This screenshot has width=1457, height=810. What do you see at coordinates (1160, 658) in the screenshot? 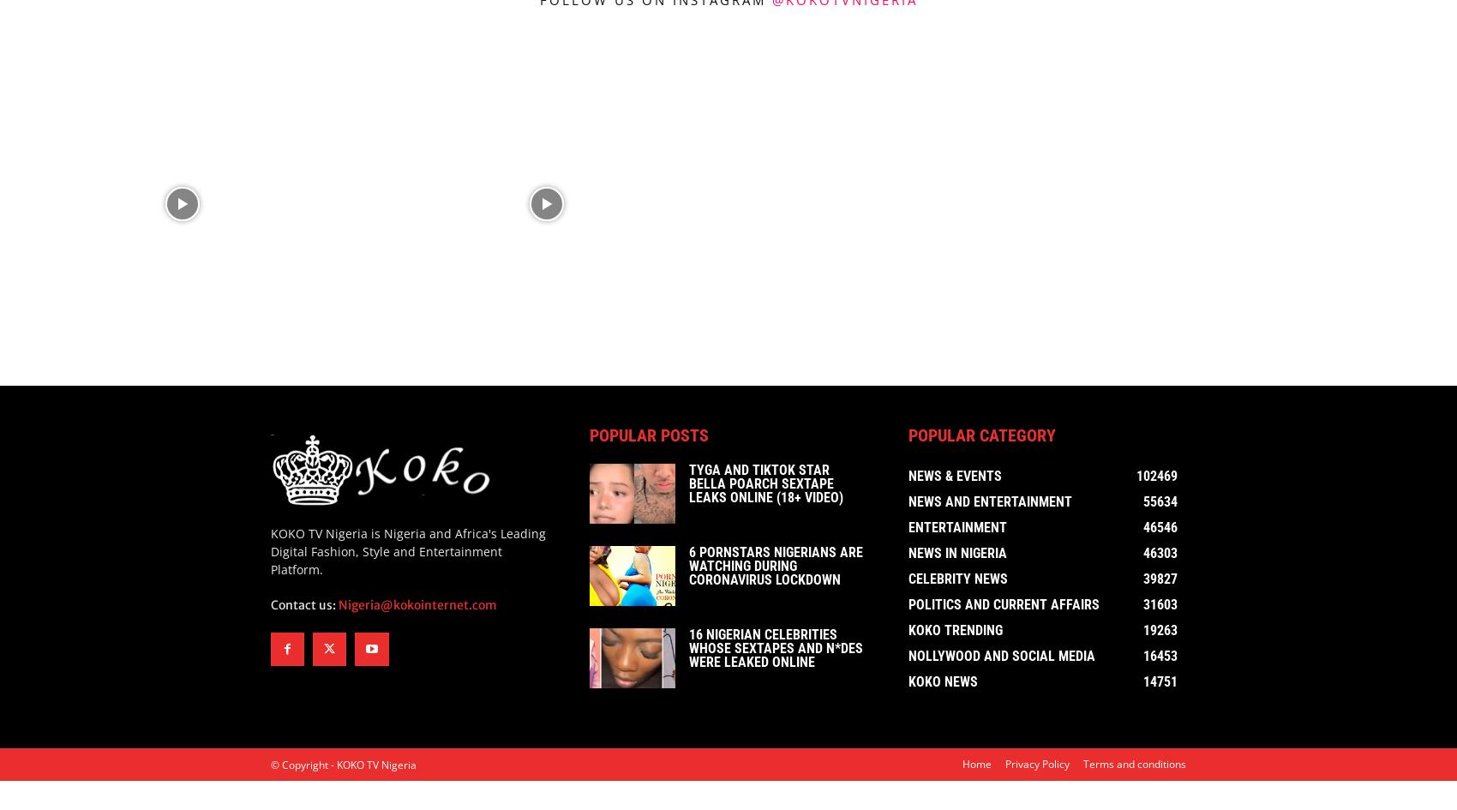
I see `'16453'` at bounding box center [1160, 658].